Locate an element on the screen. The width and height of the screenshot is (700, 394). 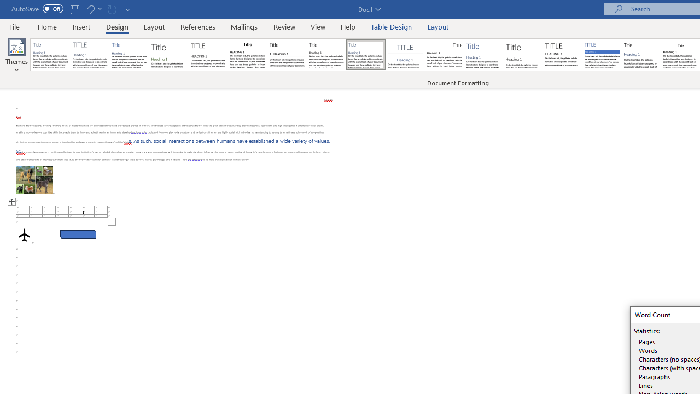
'Black & White (Classic)' is located at coordinates (247, 55).